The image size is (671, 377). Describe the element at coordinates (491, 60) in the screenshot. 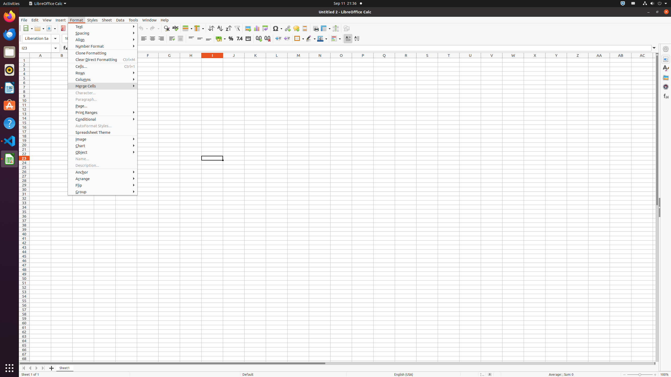

I see `'V1'` at that location.